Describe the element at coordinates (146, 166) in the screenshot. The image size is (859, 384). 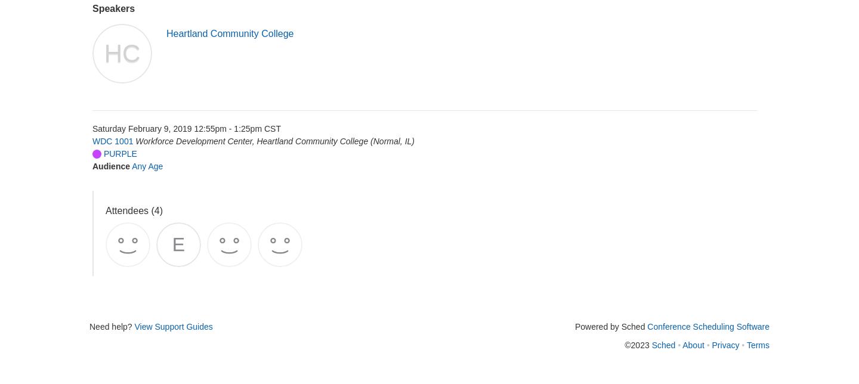
I see `'Any Age'` at that location.